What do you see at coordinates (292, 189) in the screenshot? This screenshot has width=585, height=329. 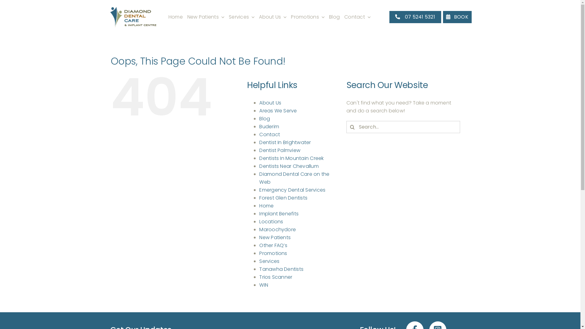 I see `'Emergency Dental Services'` at bounding box center [292, 189].